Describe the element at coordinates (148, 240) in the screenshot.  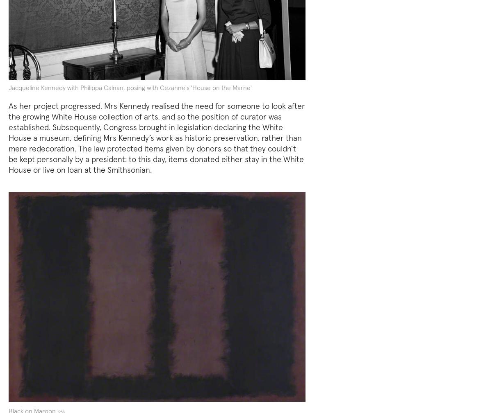
I see `'by satirist'` at that location.